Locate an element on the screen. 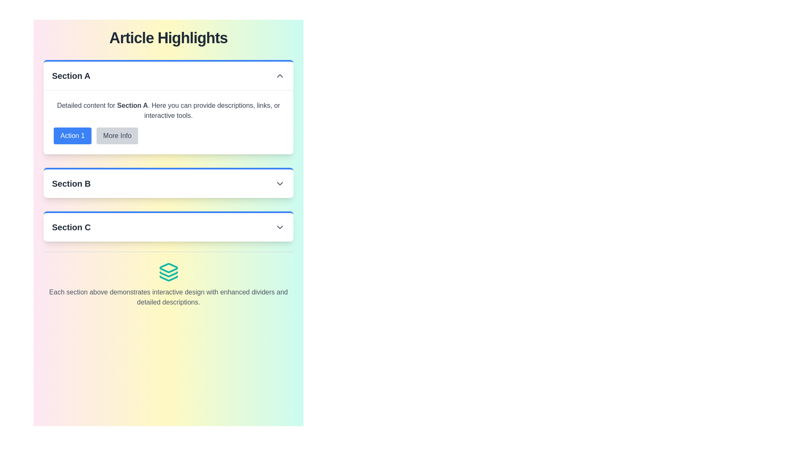 Image resolution: width=806 pixels, height=453 pixels. the button that triggers 'Action 1' is located at coordinates (72, 135).